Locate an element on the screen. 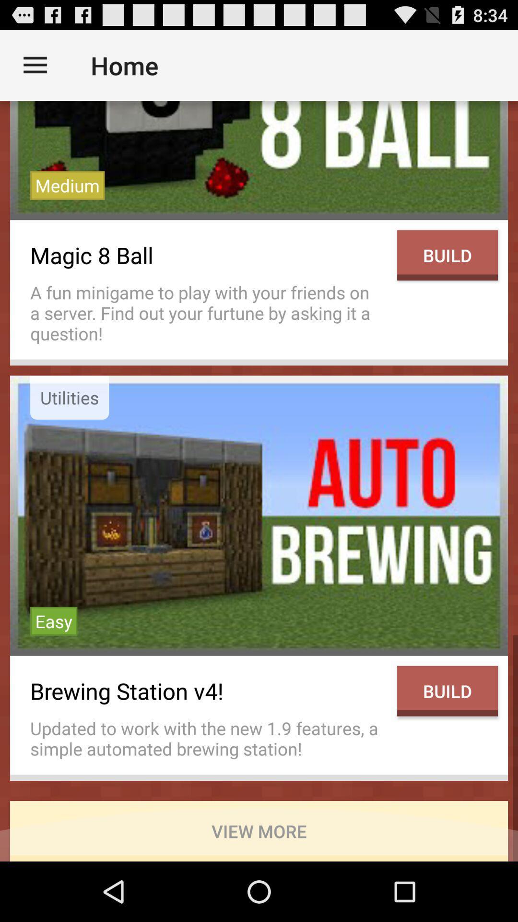  the view more is located at coordinates (259, 831).